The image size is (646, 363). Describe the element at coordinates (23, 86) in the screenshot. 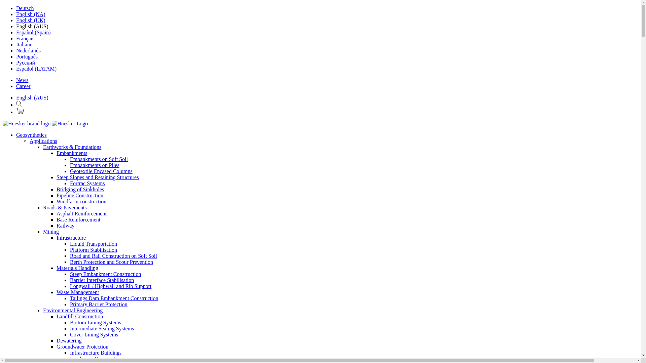

I see `'Career'` at that location.